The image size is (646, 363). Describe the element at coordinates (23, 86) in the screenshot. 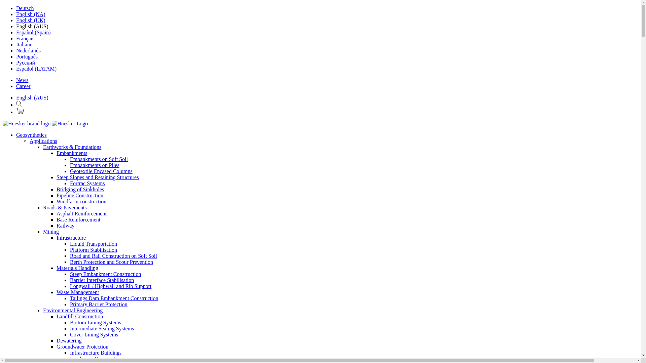

I see `'Career'` at that location.